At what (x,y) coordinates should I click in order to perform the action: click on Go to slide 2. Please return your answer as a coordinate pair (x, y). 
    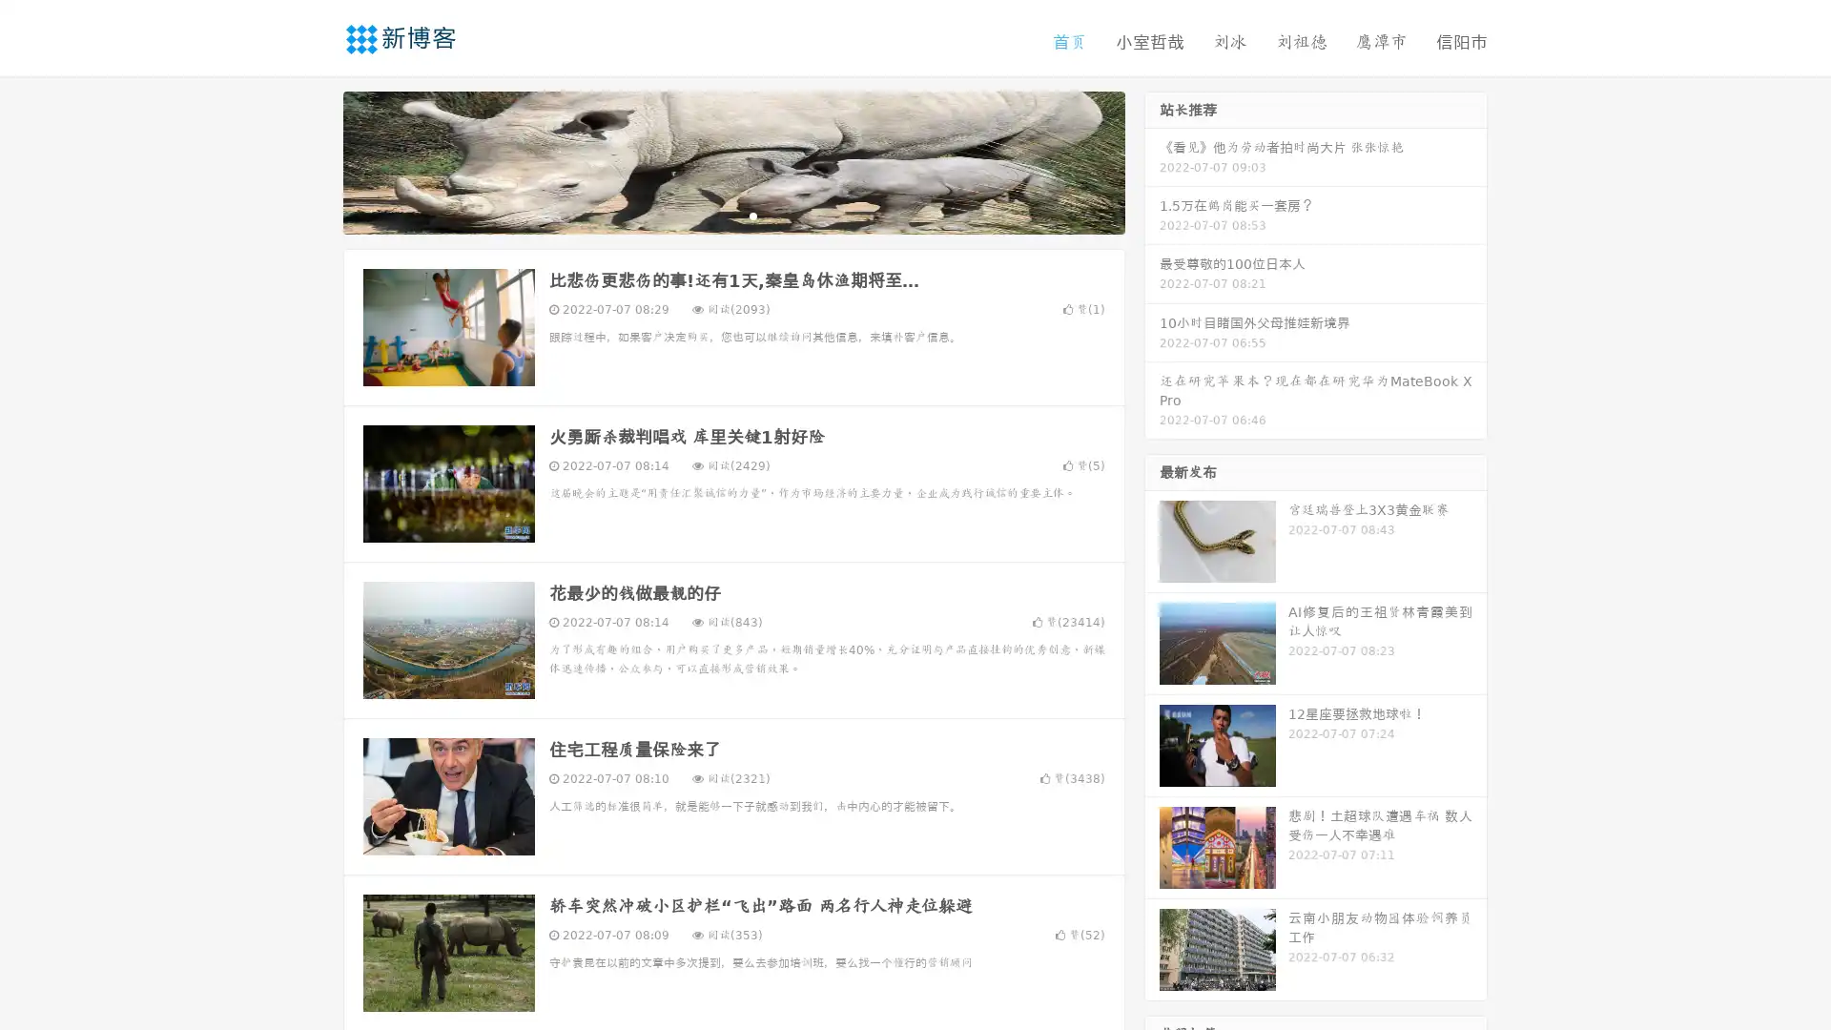
    Looking at the image, I should click on (732, 215).